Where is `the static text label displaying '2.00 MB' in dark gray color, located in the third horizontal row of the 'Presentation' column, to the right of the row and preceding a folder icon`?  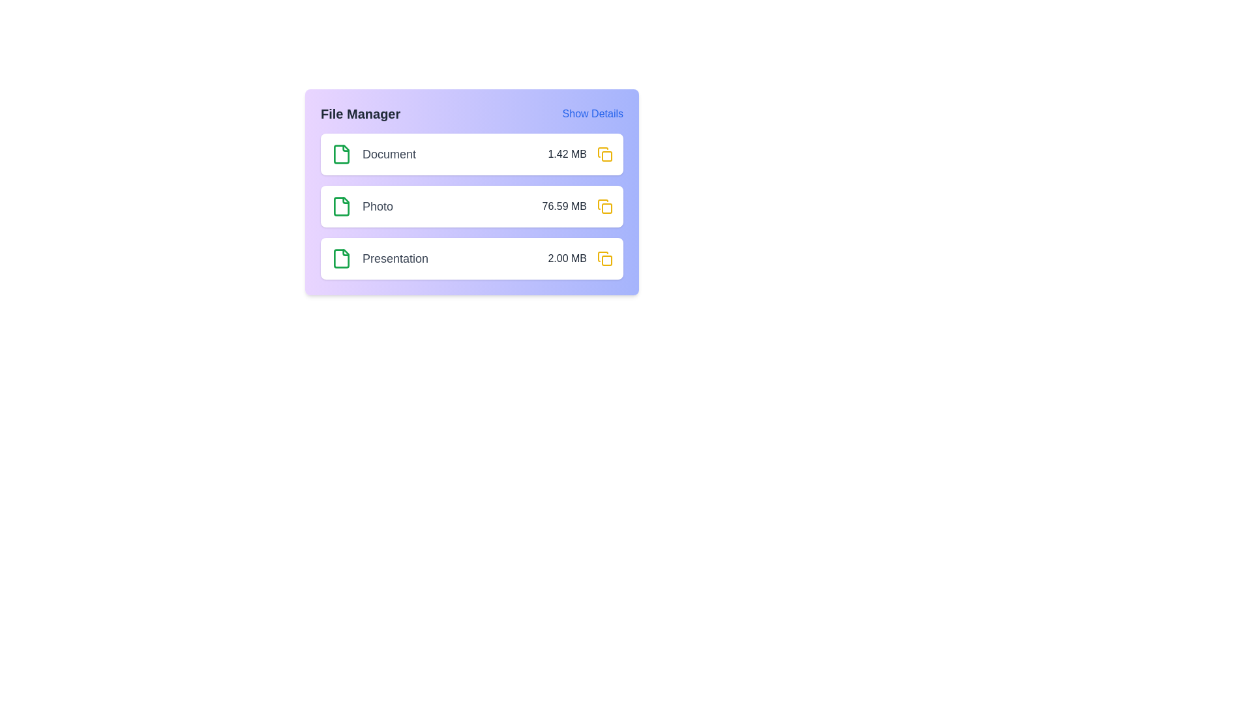 the static text label displaying '2.00 MB' in dark gray color, located in the third horizontal row of the 'Presentation' column, to the right of the row and preceding a folder icon is located at coordinates (567, 259).